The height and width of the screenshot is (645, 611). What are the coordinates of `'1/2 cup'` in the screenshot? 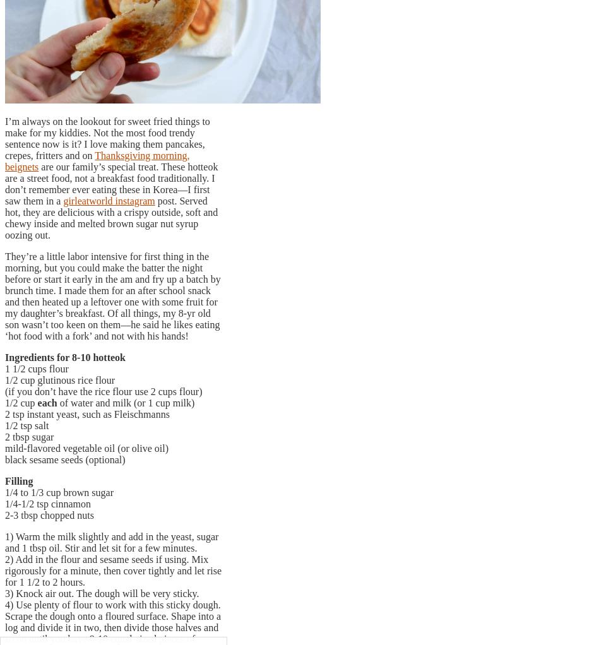 It's located at (5, 402).